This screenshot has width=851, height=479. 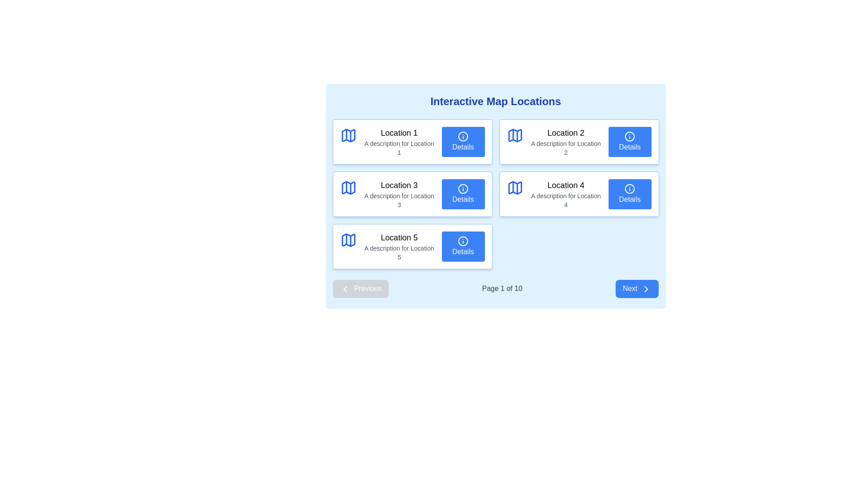 I want to click on the Card Layout Component located at the bottom left of the grid, which features a title, description, and an interactive button, styled with a white background and blue border, so click(x=412, y=246).